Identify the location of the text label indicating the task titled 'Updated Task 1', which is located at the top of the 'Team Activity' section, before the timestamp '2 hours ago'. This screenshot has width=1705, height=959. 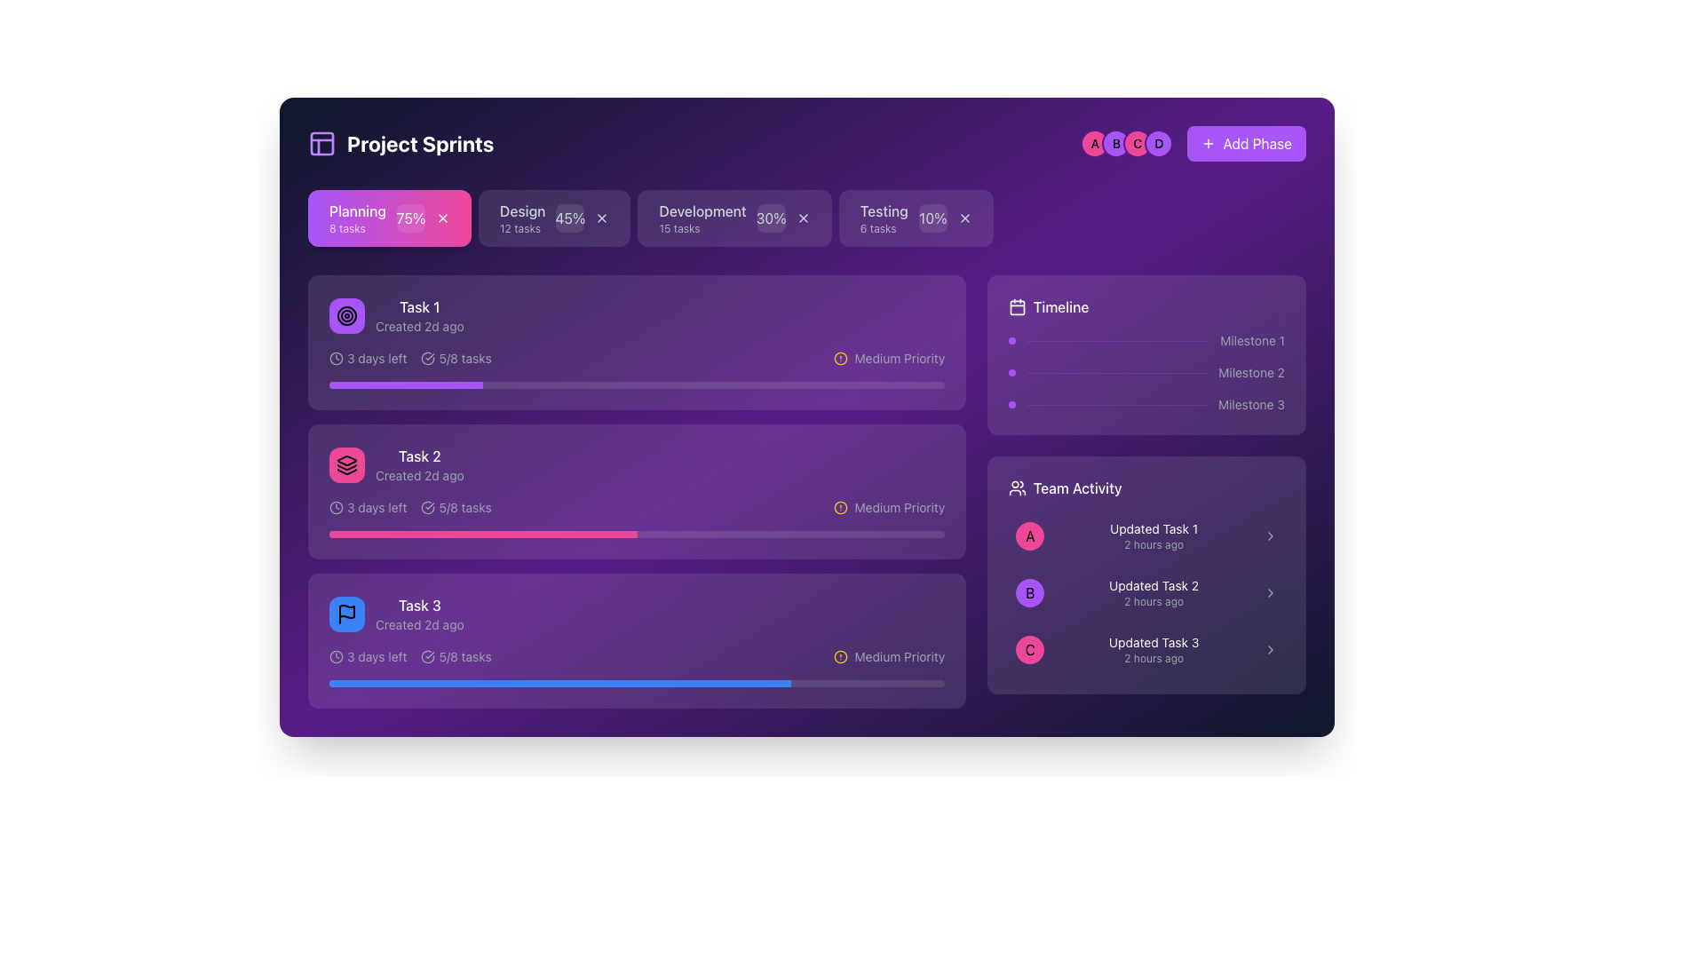
(1154, 528).